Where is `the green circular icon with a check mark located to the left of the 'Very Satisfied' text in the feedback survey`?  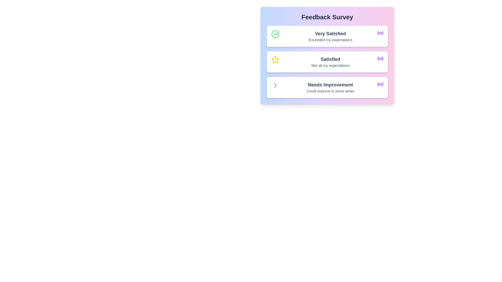 the green circular icon with a check mark located to the left of the 'Very Satisfied' text in the feedback survey is located at coordinates (275, 34).